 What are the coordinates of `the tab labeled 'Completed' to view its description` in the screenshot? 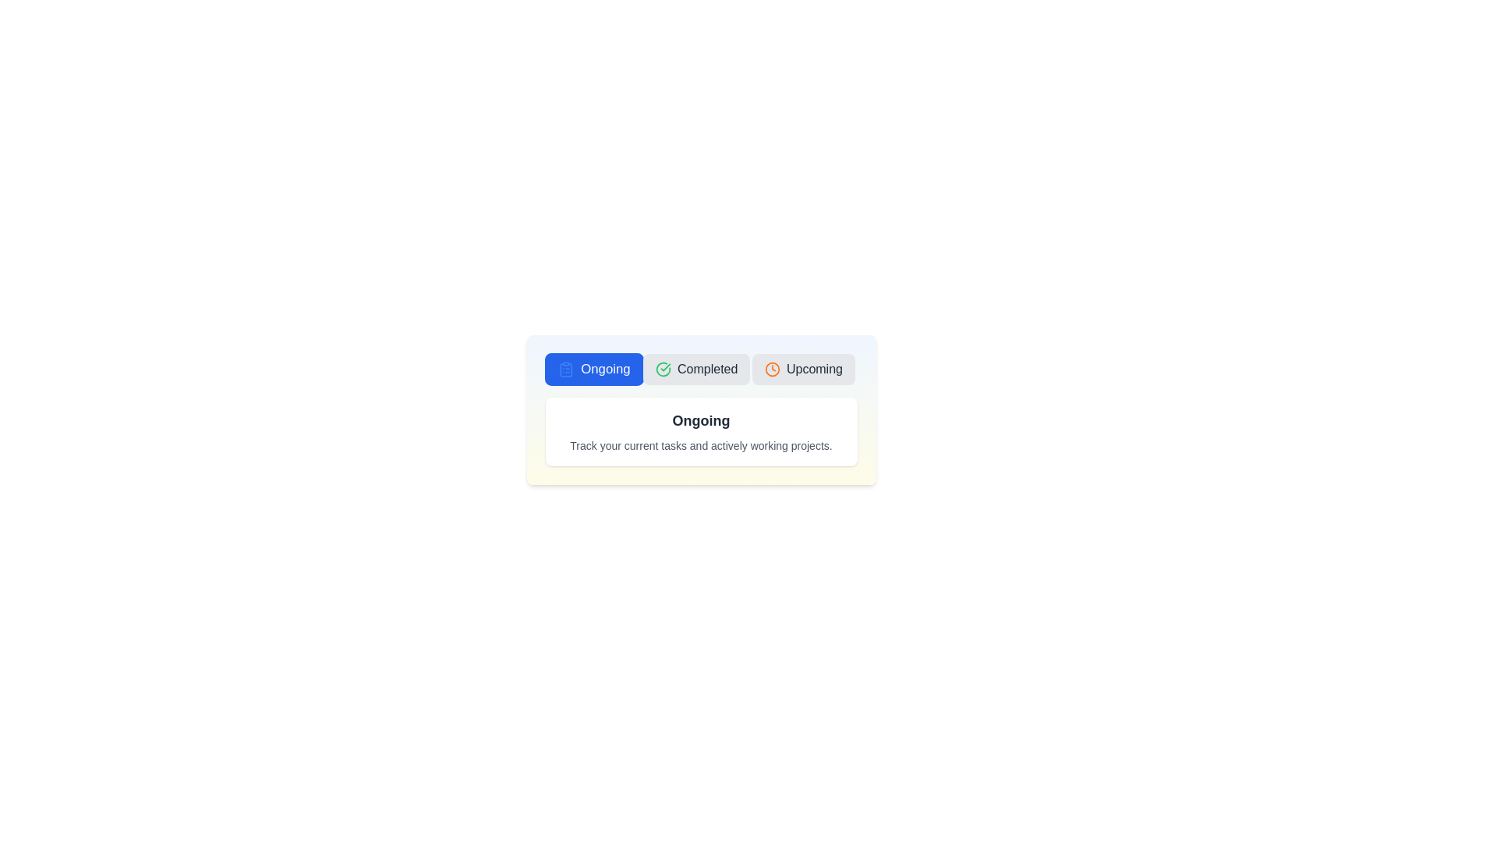 It's located at (695, 370).